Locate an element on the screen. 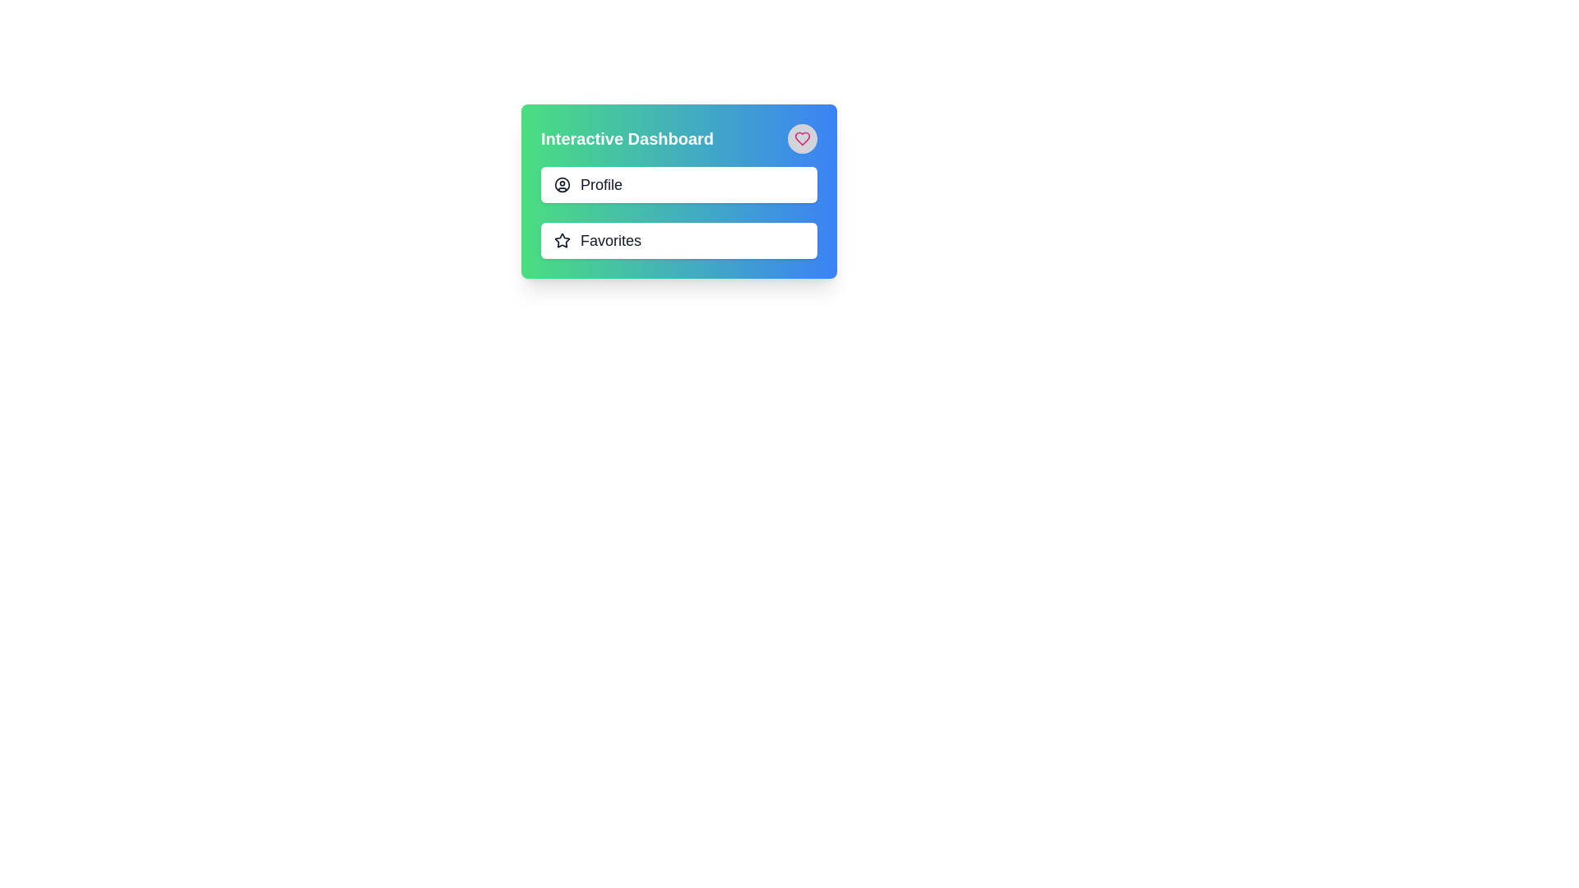 The height and width of the screenshot is (888, 1579). the user profile icon located within the 'Profile' group is located at coordinates (563, 184).